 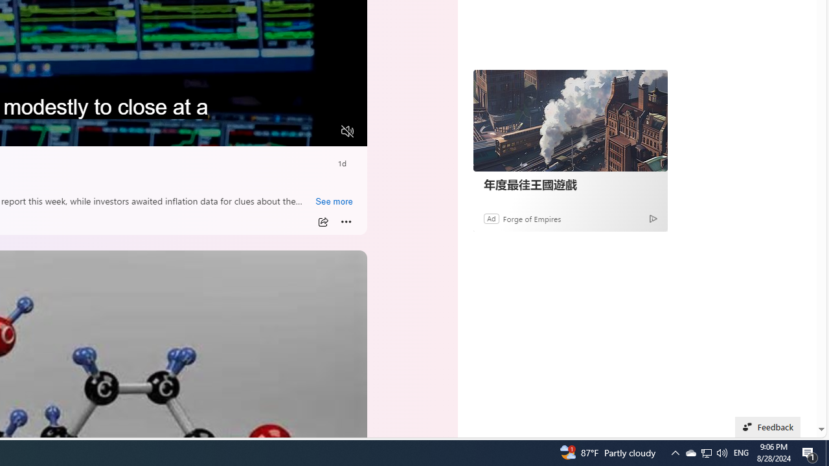 I want to click on 'Share', so click(x=323, y=221).